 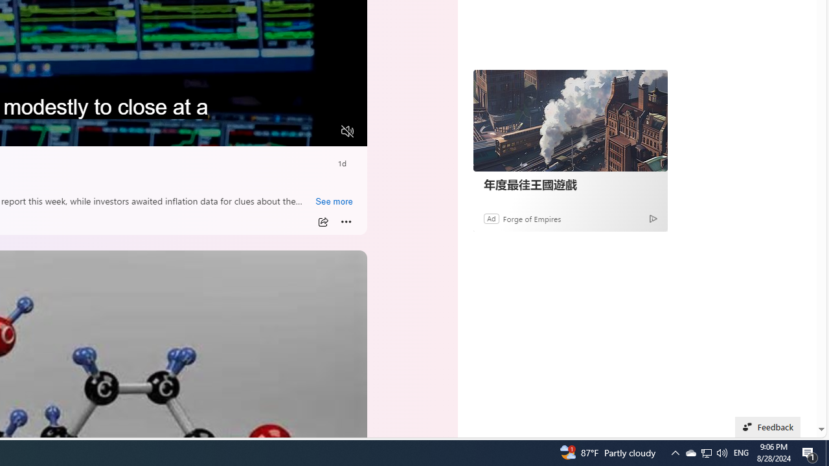 I want to click on 'Share', so click(x=323, y=221).